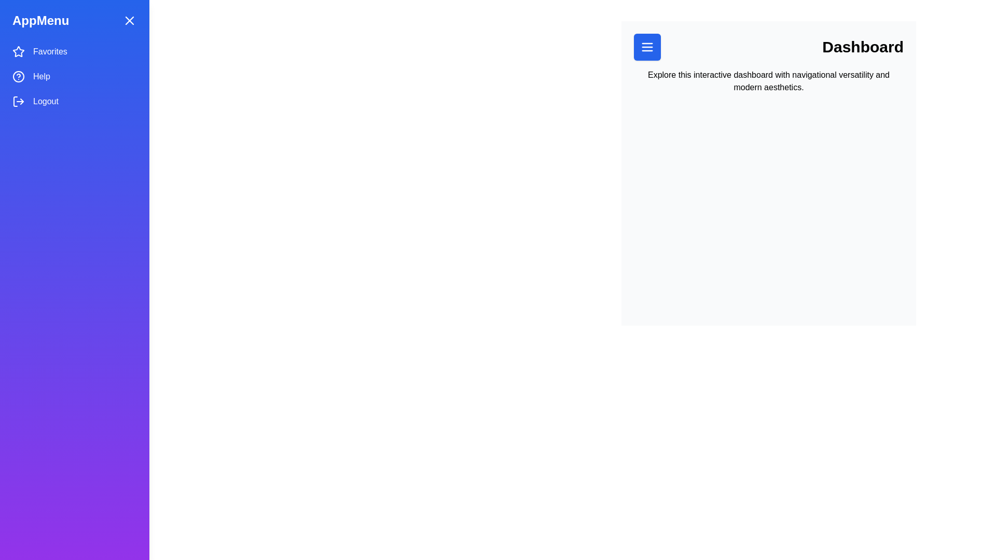 The width and height of the screenshot is (996, 560). I want to click on the circular blue ring icon with a white question mark, located next to the 'Help' text, so click(18, 76).